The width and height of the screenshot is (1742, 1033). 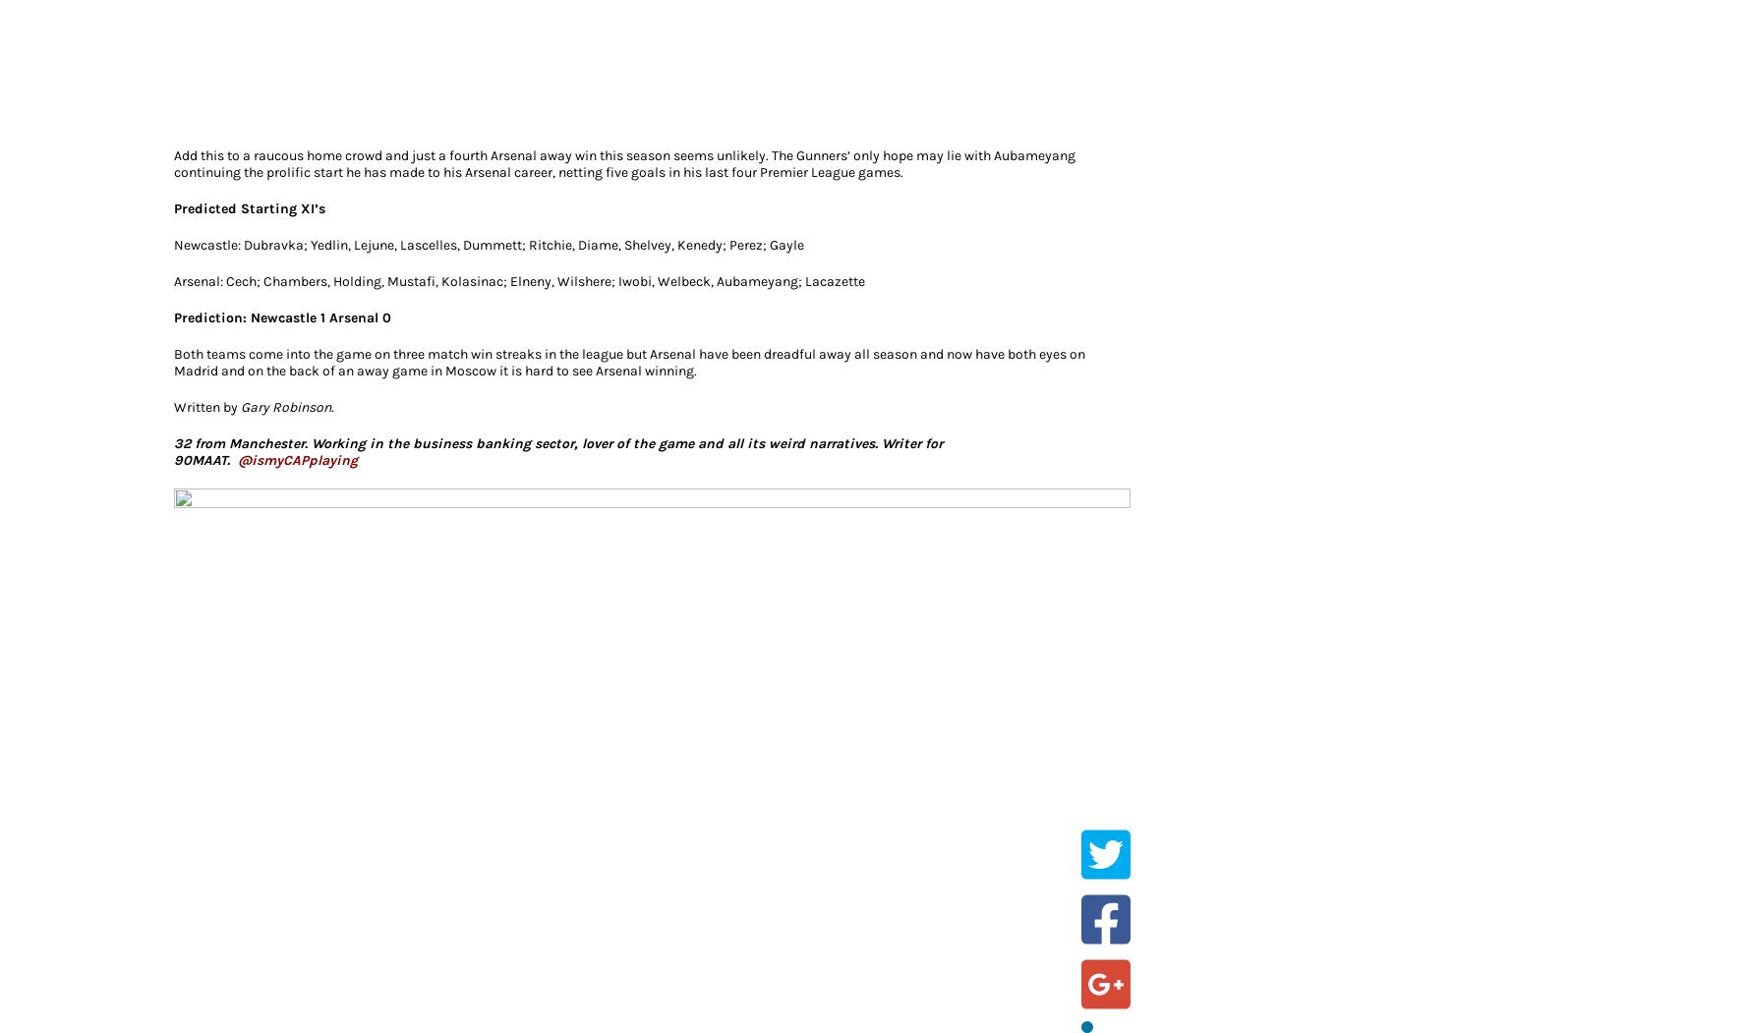 I want to click on '@ismyCAPplaying', so click(x=237, y=458).